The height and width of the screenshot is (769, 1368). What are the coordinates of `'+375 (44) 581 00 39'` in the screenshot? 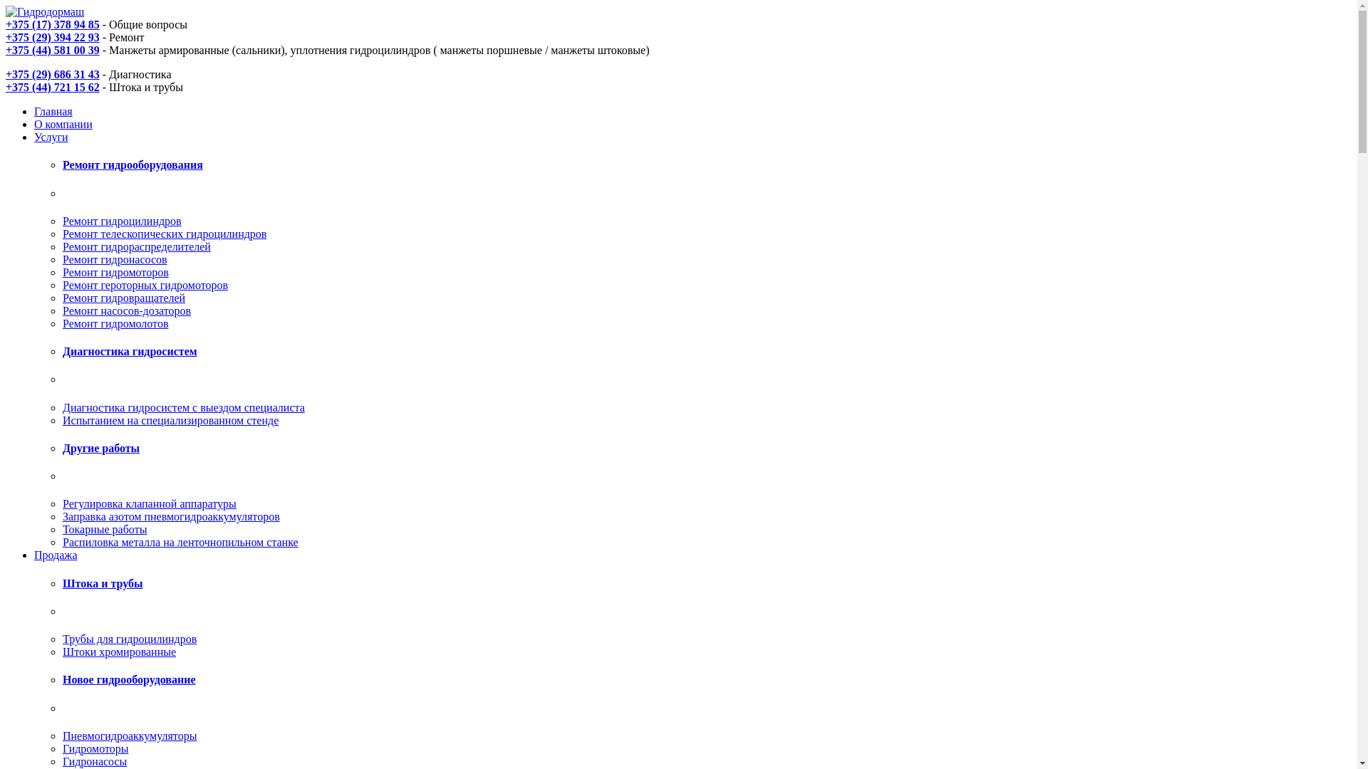 It's located at (52, 49).